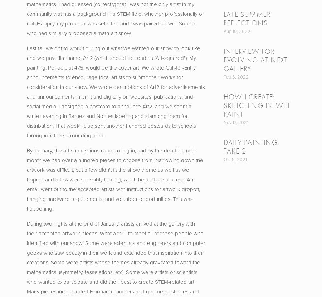 This screenshot has height=297, width=322. What do you see at coordinates (114, 179) in the screenshot?
I see `'By January, the art submissions came rolling in, and by the deadline mid-month we had over a hundred pieces to choose from. Narrowing down the artwork was difficult, but a few didn't fit the show theme as well as we hoped, and a few were possibly too big, which helped the process. An email went out to the accepted artists with instructions for artwork dropoff, hanging hardware requirements, and volunteer opportunities. This was happening.'` at bounding box center [114, 179].